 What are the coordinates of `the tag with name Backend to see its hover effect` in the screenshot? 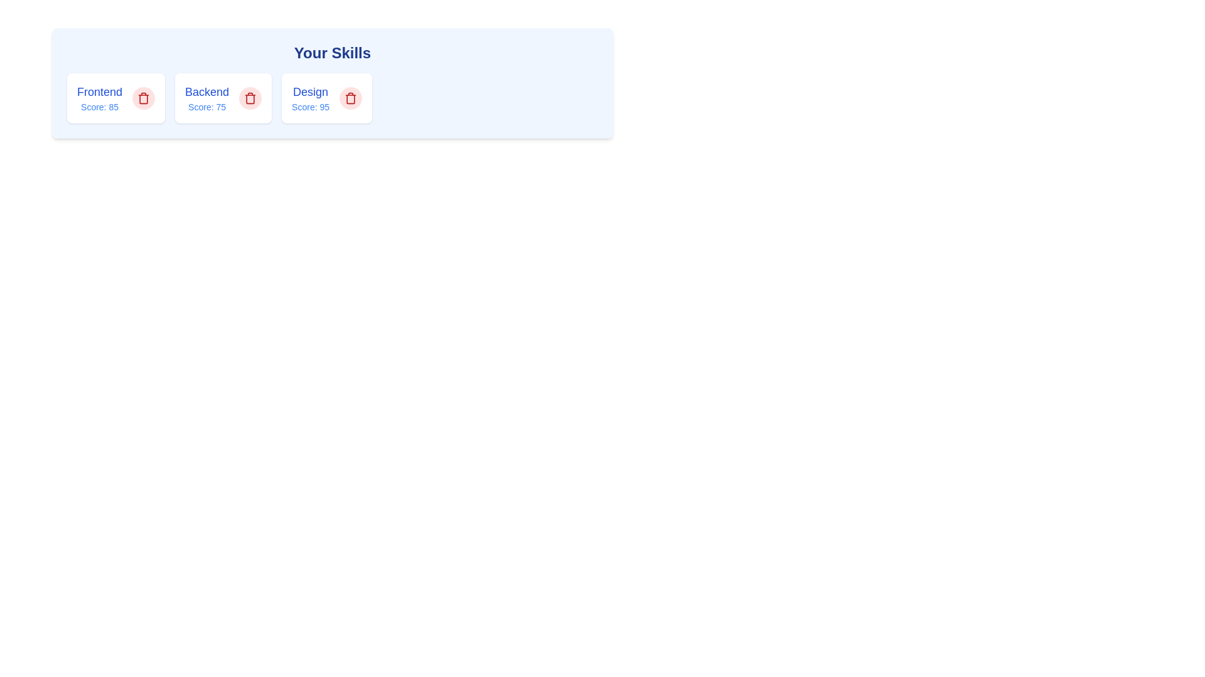 It's located at (207, 98).